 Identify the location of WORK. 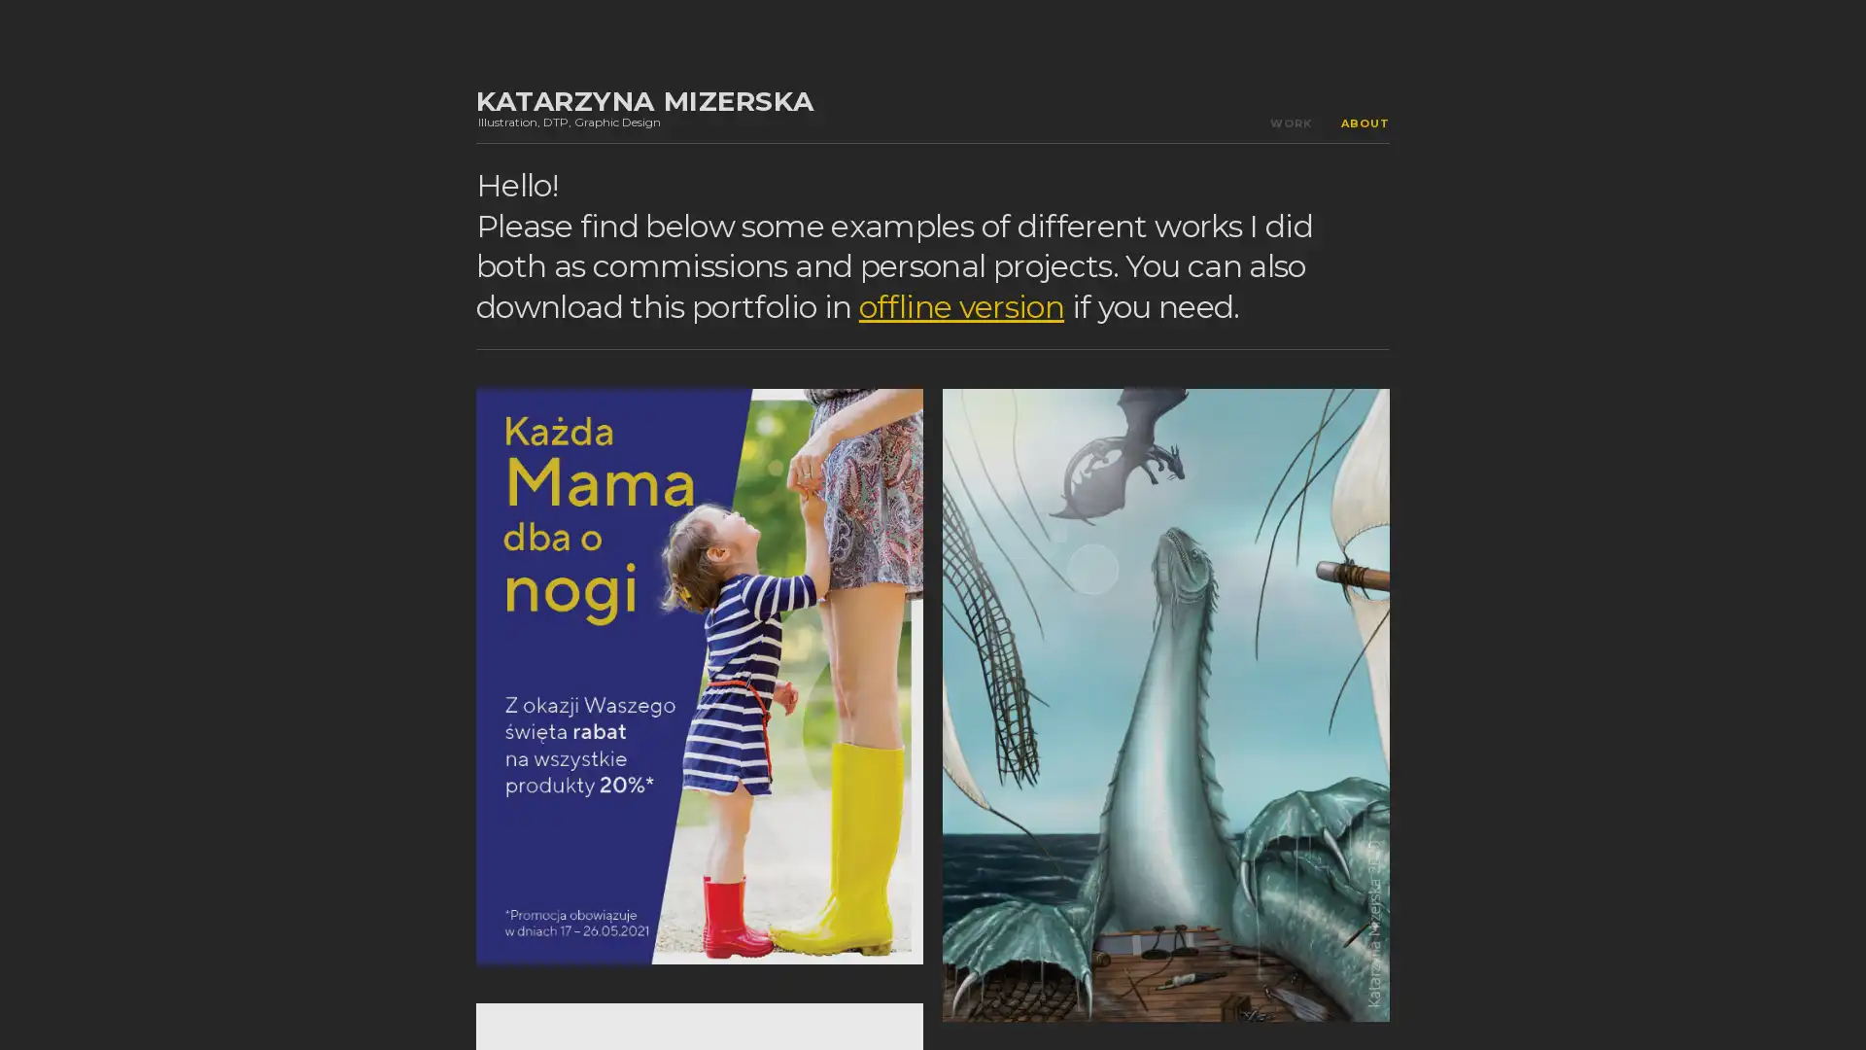
(1291, 123).